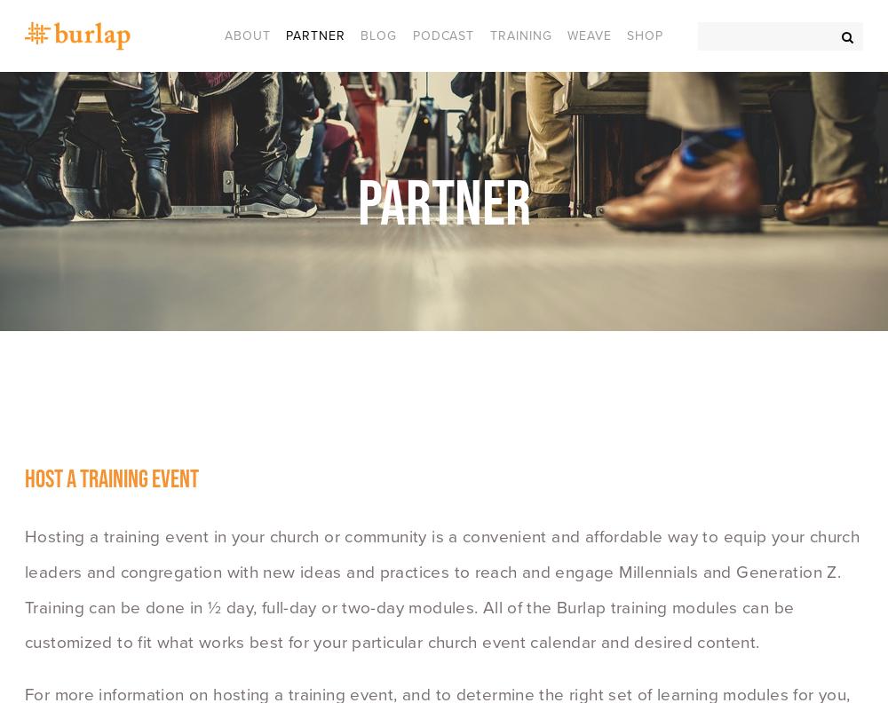  Describe the element at coordinates (247, 34) in the screenshot. I see `'About'` at that location.